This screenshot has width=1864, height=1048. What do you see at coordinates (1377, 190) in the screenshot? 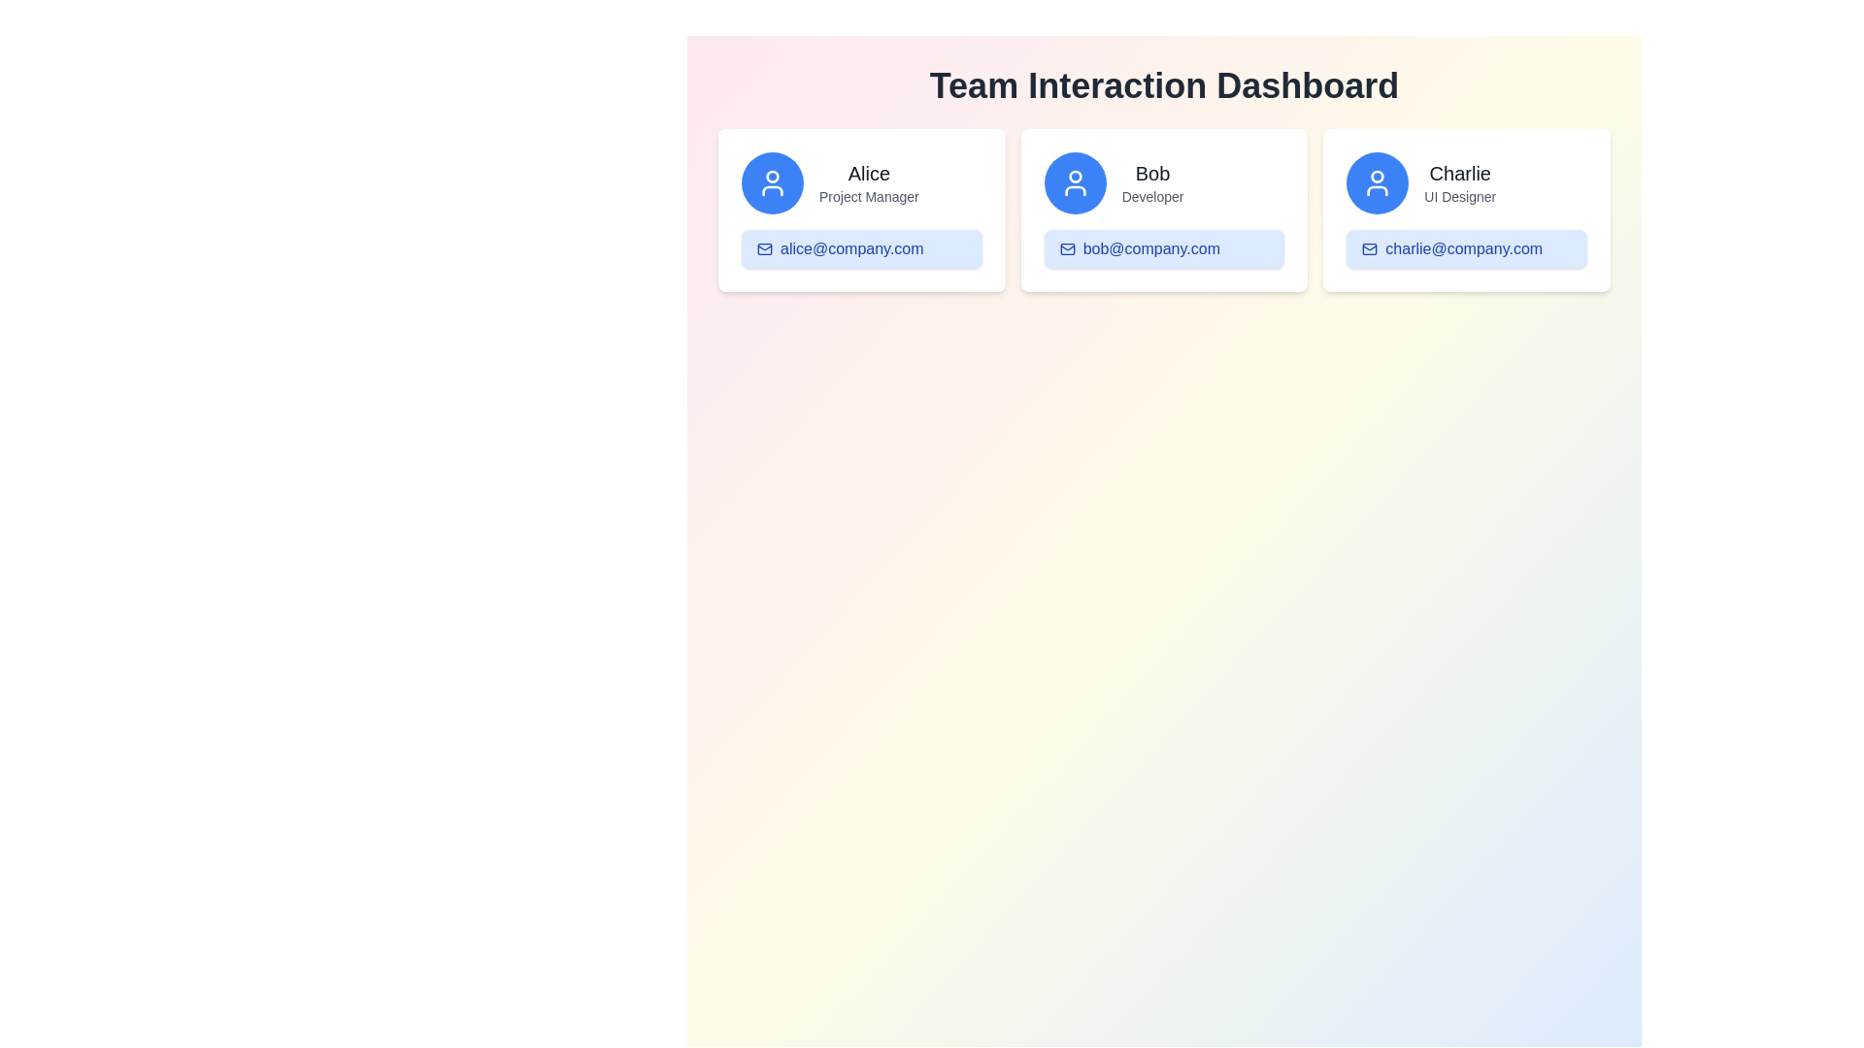
I see `the lower part of the user icon silhouette for user 'Charlie' in the blue circular profile icon on the rightmost profile card of the 'Team Interaction Dashboard'` at bounding box center [1377, 190].